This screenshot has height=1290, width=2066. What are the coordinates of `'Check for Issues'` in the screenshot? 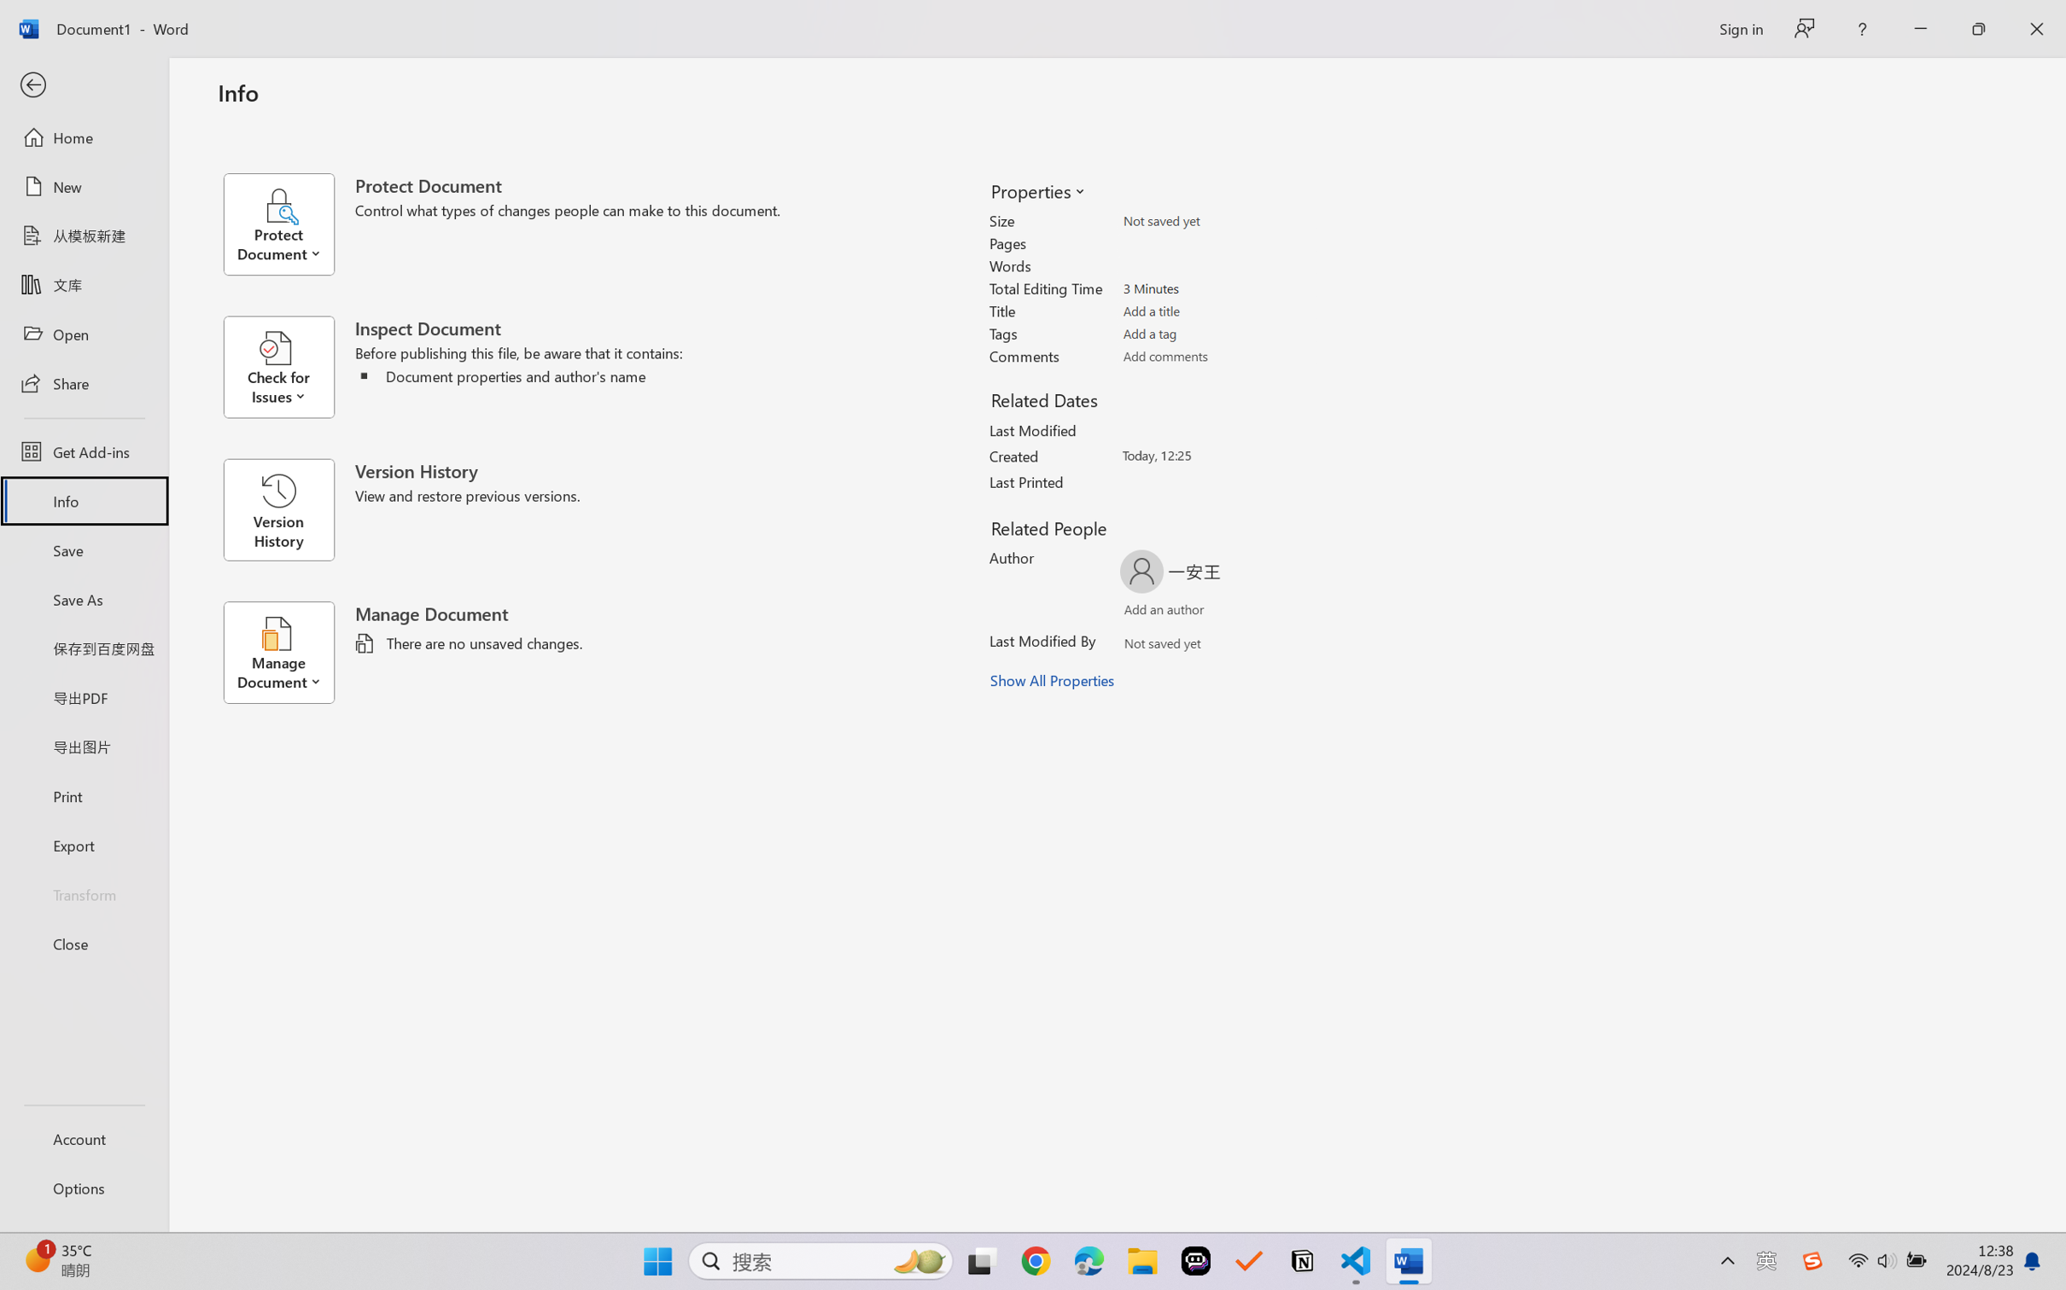 It's located at (288, 366).